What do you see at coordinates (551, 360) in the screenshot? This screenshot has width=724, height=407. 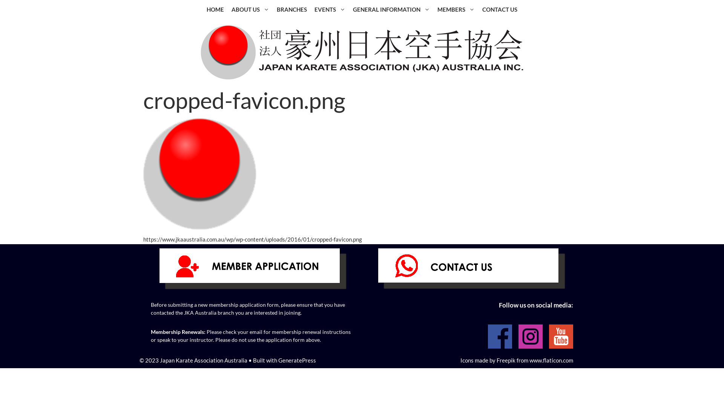 I see `'www.flaticon.com'` at bounding box center [551, 360].